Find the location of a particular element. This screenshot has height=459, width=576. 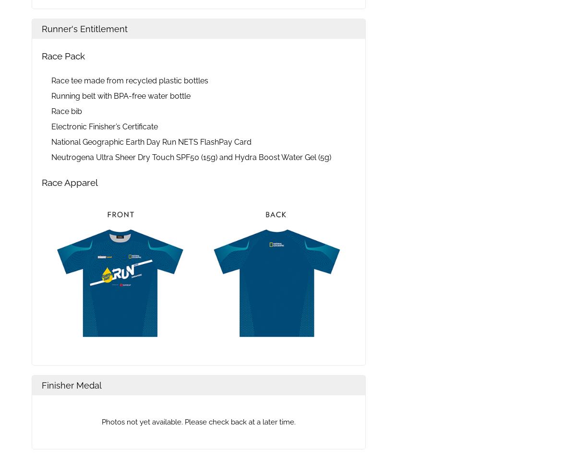

'Electronic Finisher’s Certificate' is located at coordinates (104, 126).